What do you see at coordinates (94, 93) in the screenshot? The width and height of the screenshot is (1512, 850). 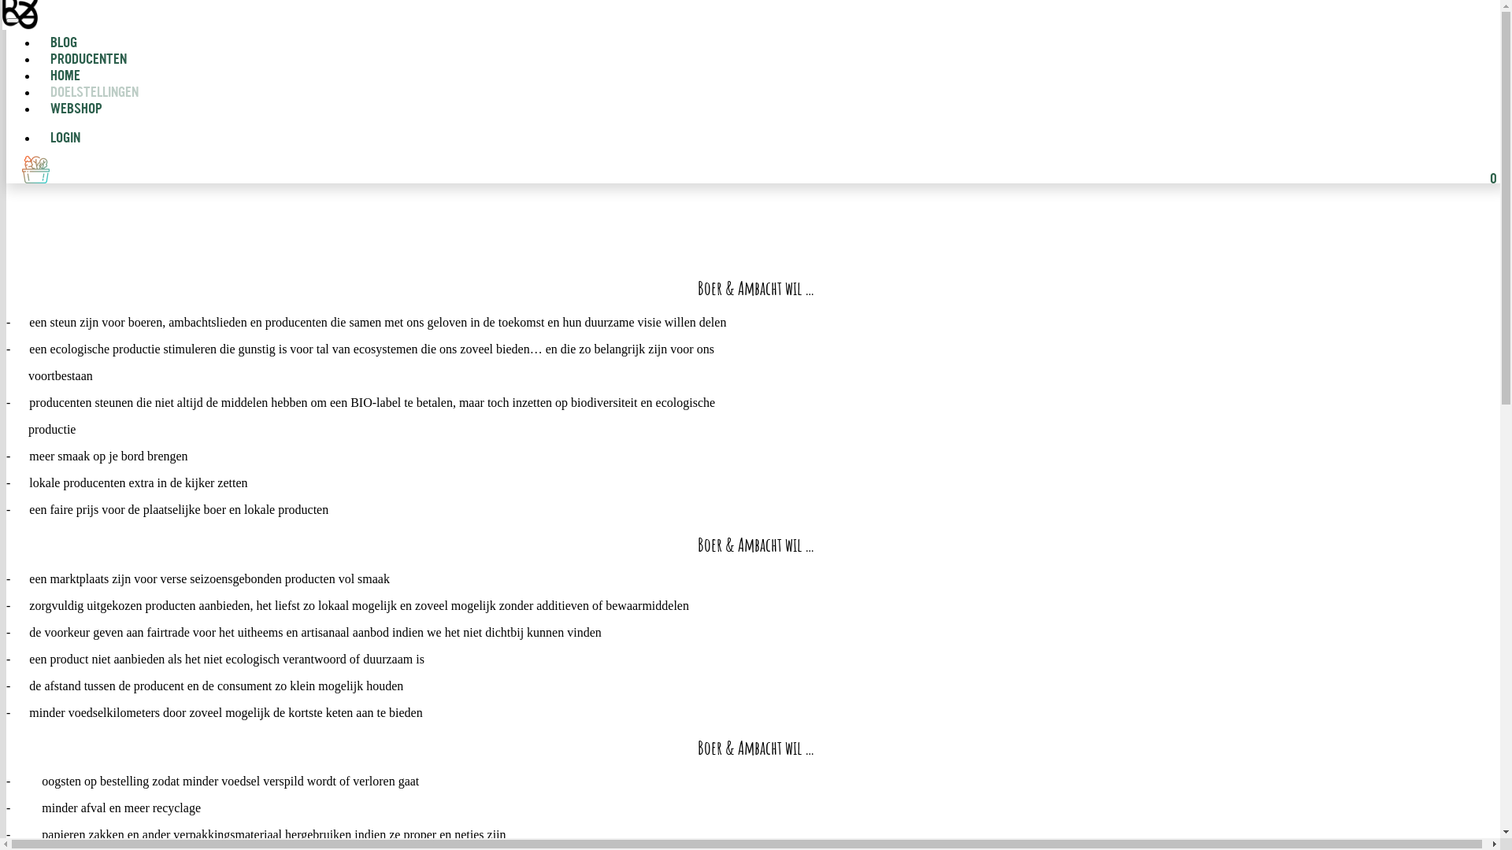 I see `'DOELSTELLINGEN'` at bounding box center [94, 93].